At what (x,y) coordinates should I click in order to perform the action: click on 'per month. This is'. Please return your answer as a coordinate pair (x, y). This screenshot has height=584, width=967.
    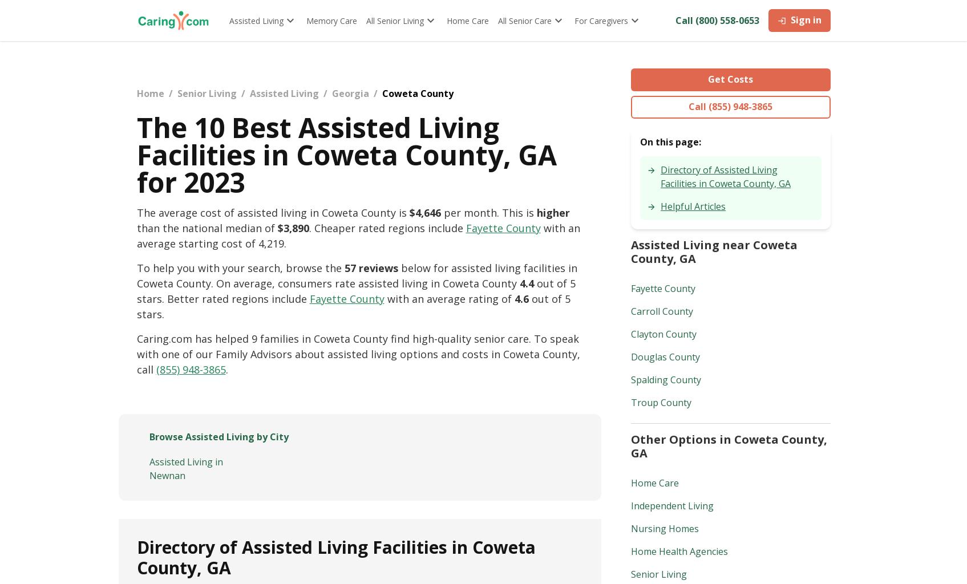
    Looking at the image, I should click on (487, 213).